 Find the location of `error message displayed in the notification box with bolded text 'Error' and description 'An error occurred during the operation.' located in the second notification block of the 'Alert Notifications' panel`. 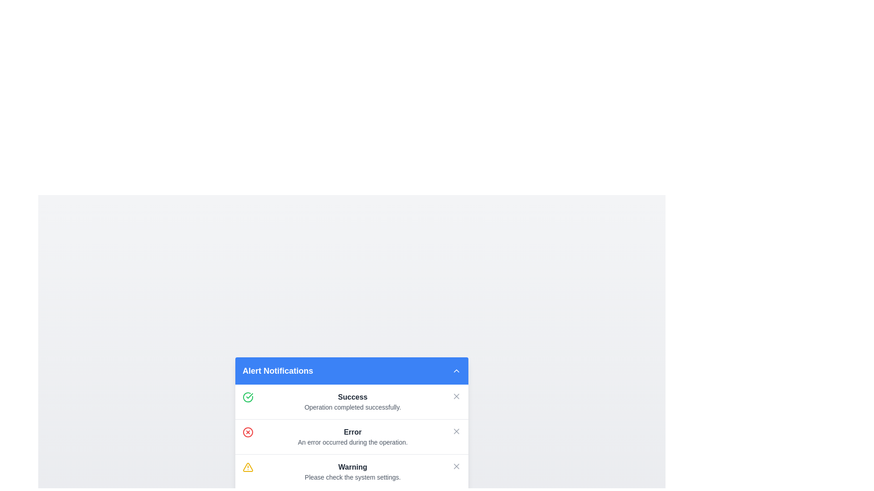

error message displayed in the notification box with bolded text 'Error' and description 'An error occurred during the operation.' located in the second notification block of the 'Alert Notifications' panel is located at coordinates (352, 436).